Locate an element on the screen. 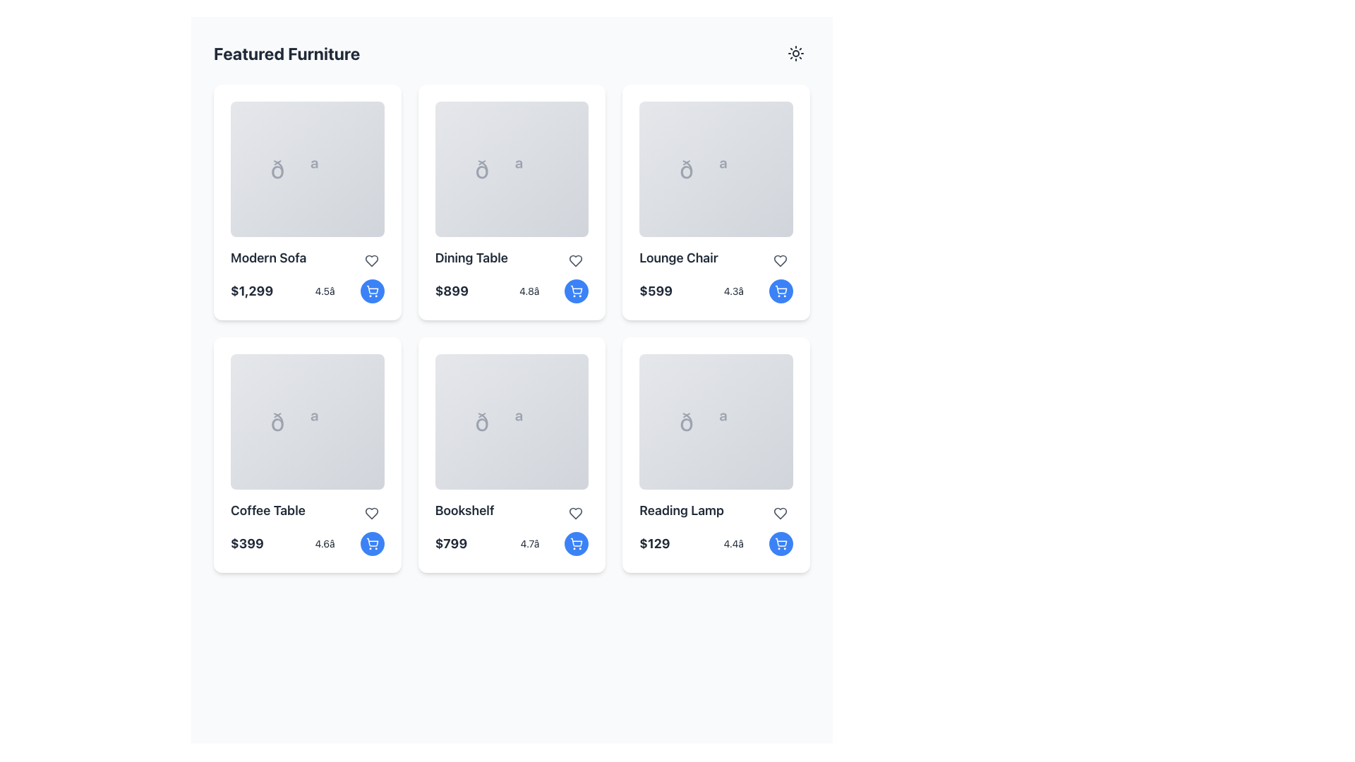 The width and height of the screenshot is (1355, 762). the circular blue button with a white shopping cart icon located at the bottom-right corner of the 'Reading Lamp' product card is located at coordinates (781, 543).